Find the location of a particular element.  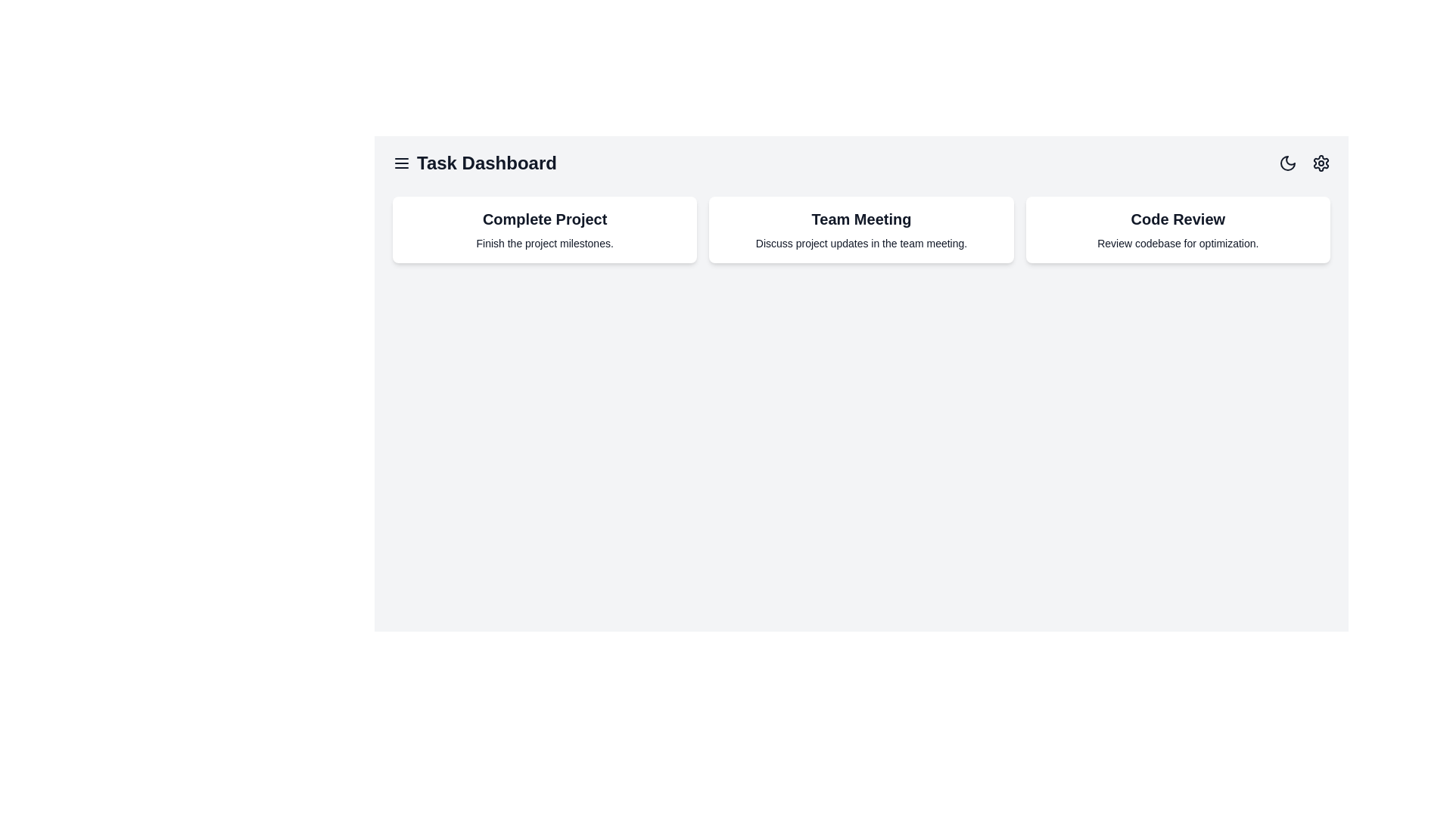

the 'Complete Project' text label, which serves as the header for its associated card, located at the top of the card above the description text 'Finish the project milestones.' is located at coordinates (545, 219).